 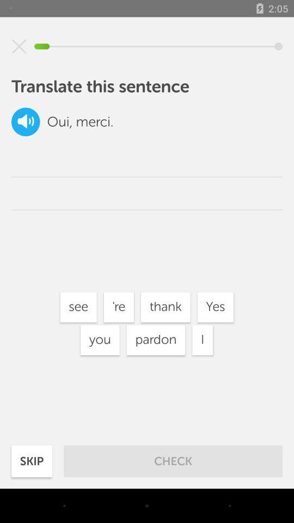 I want to click on text, so click(x=26, y=121).